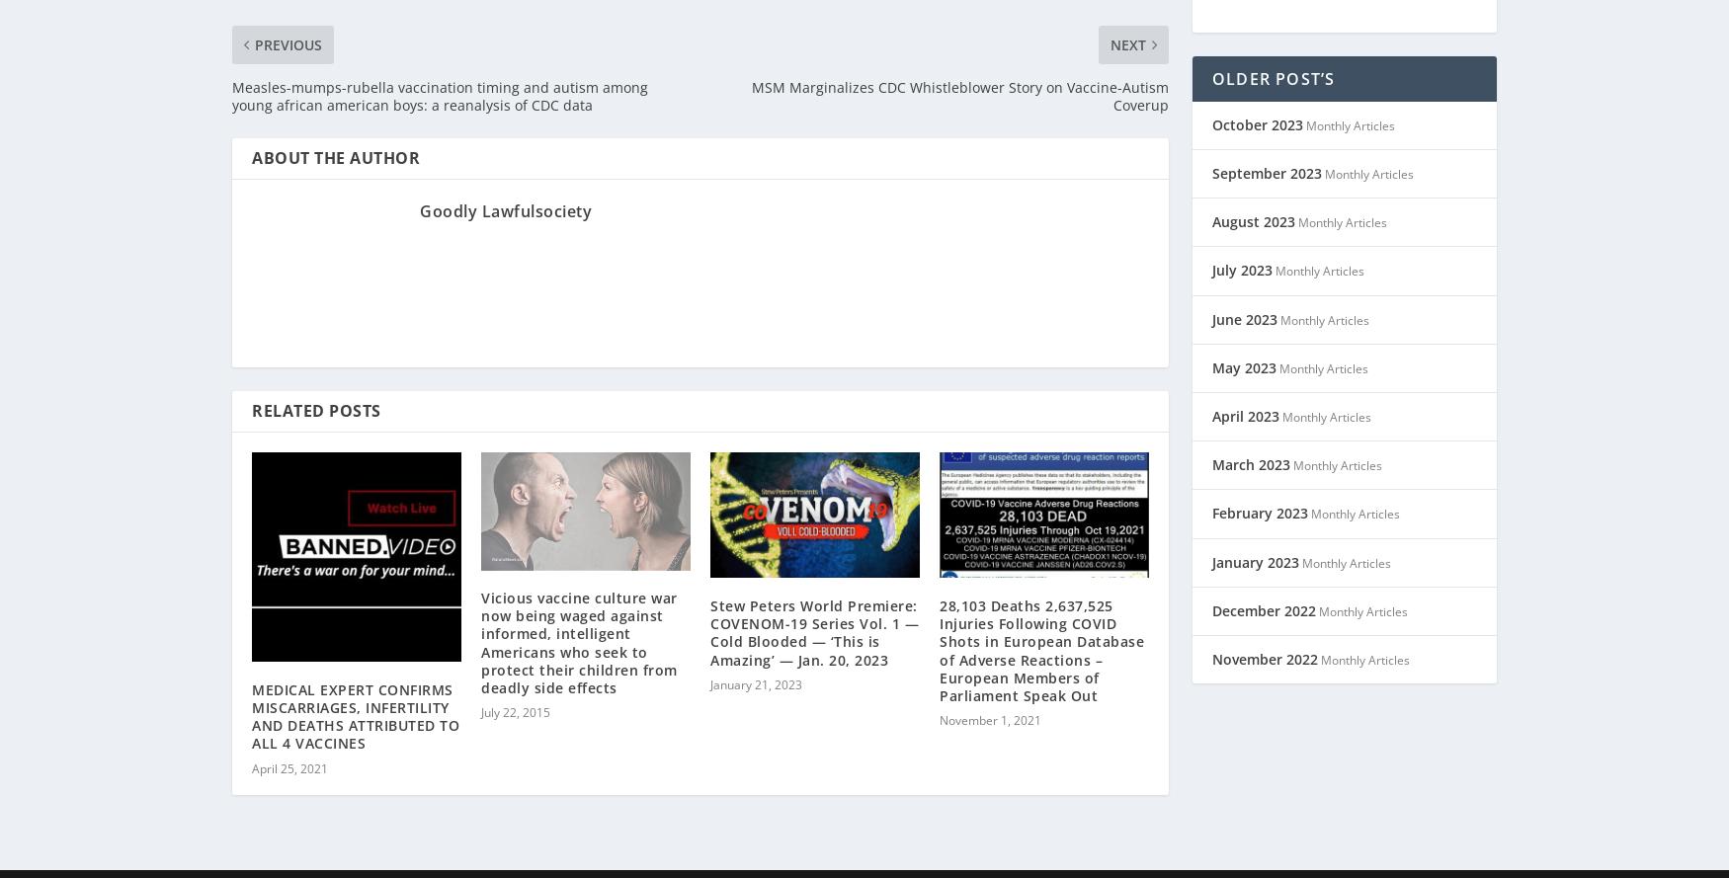 This screenshot has height=878, width=1729. I want to click on 'April 25, 2021', so click(288, 742).